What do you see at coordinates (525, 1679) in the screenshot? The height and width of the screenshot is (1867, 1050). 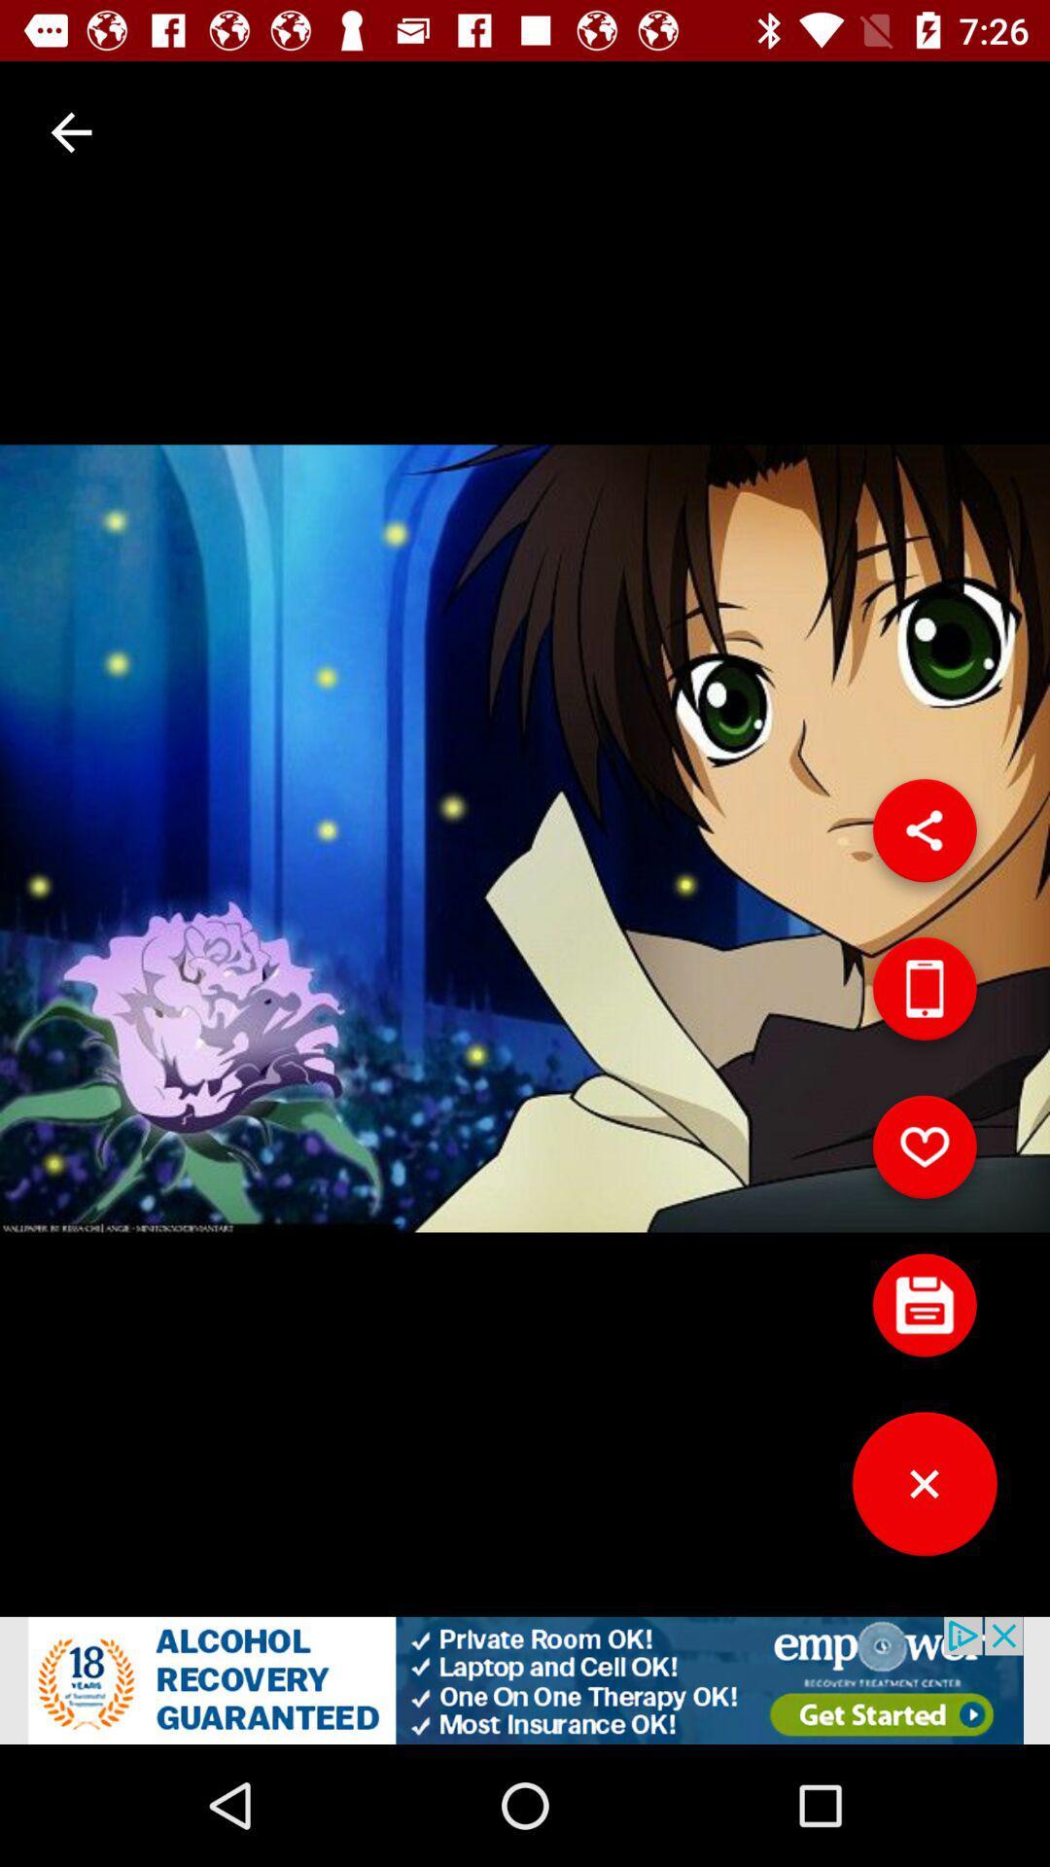 I see `click on advertisements` at bounding box center [525, 1679].